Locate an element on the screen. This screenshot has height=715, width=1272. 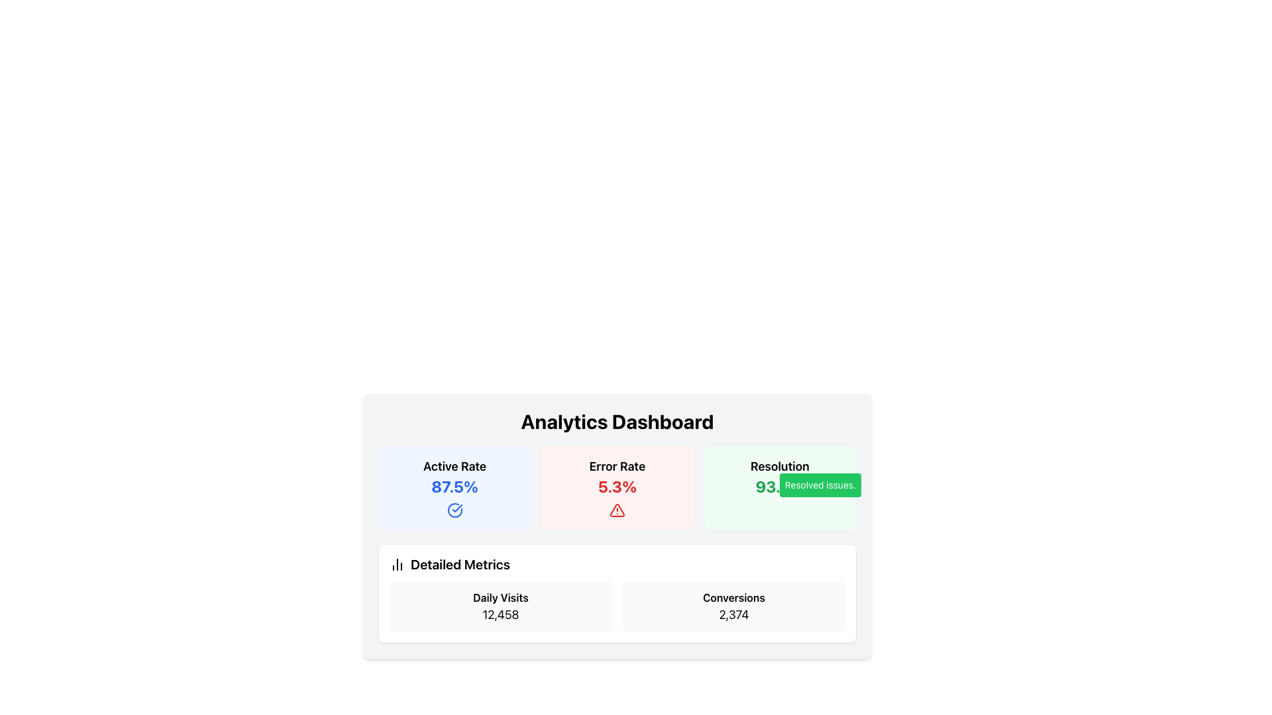
the Information Card displaying the error rate percentage for additional details, located in the center of a row of three analytics cards between 'Active Rate' and 'Resolution' is located at coordinates (616, 487).